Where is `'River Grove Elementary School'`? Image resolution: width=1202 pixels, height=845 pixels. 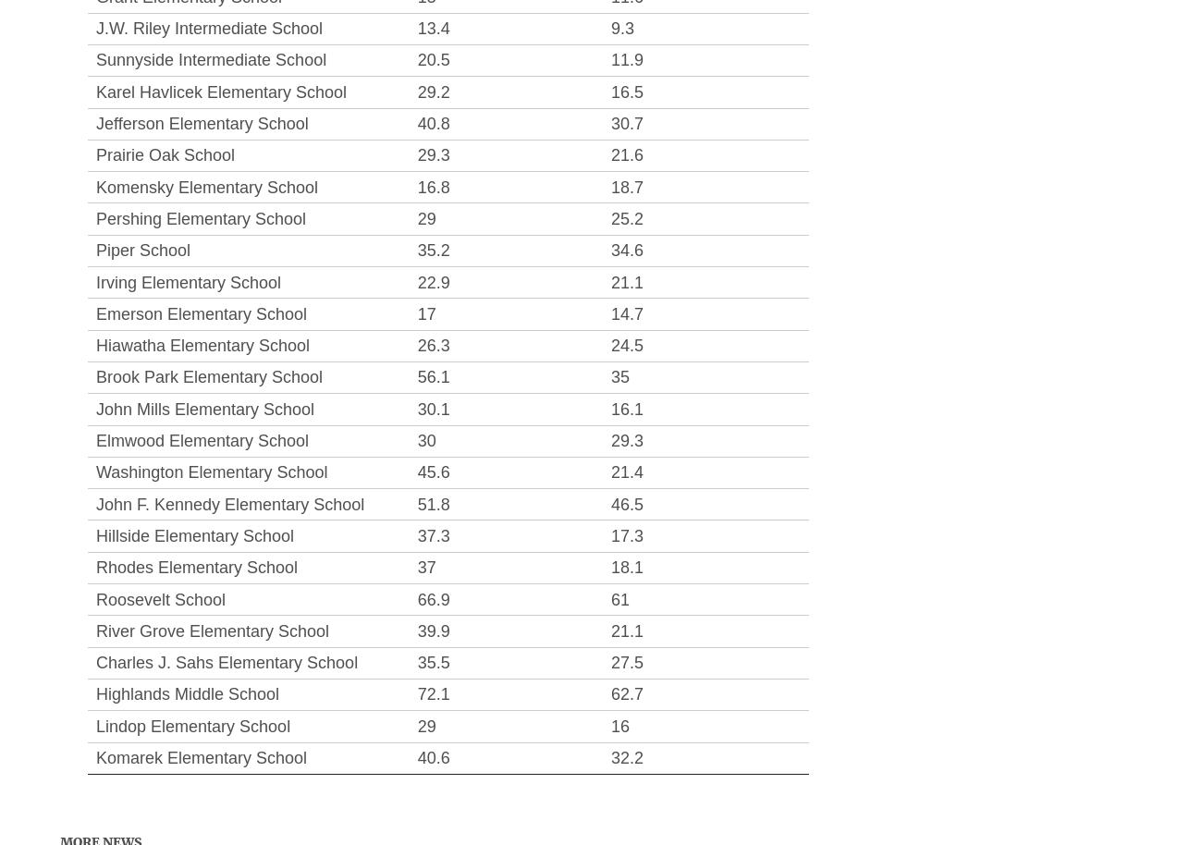 'River Grove Elementary School' is located at coordinates (96, 631).